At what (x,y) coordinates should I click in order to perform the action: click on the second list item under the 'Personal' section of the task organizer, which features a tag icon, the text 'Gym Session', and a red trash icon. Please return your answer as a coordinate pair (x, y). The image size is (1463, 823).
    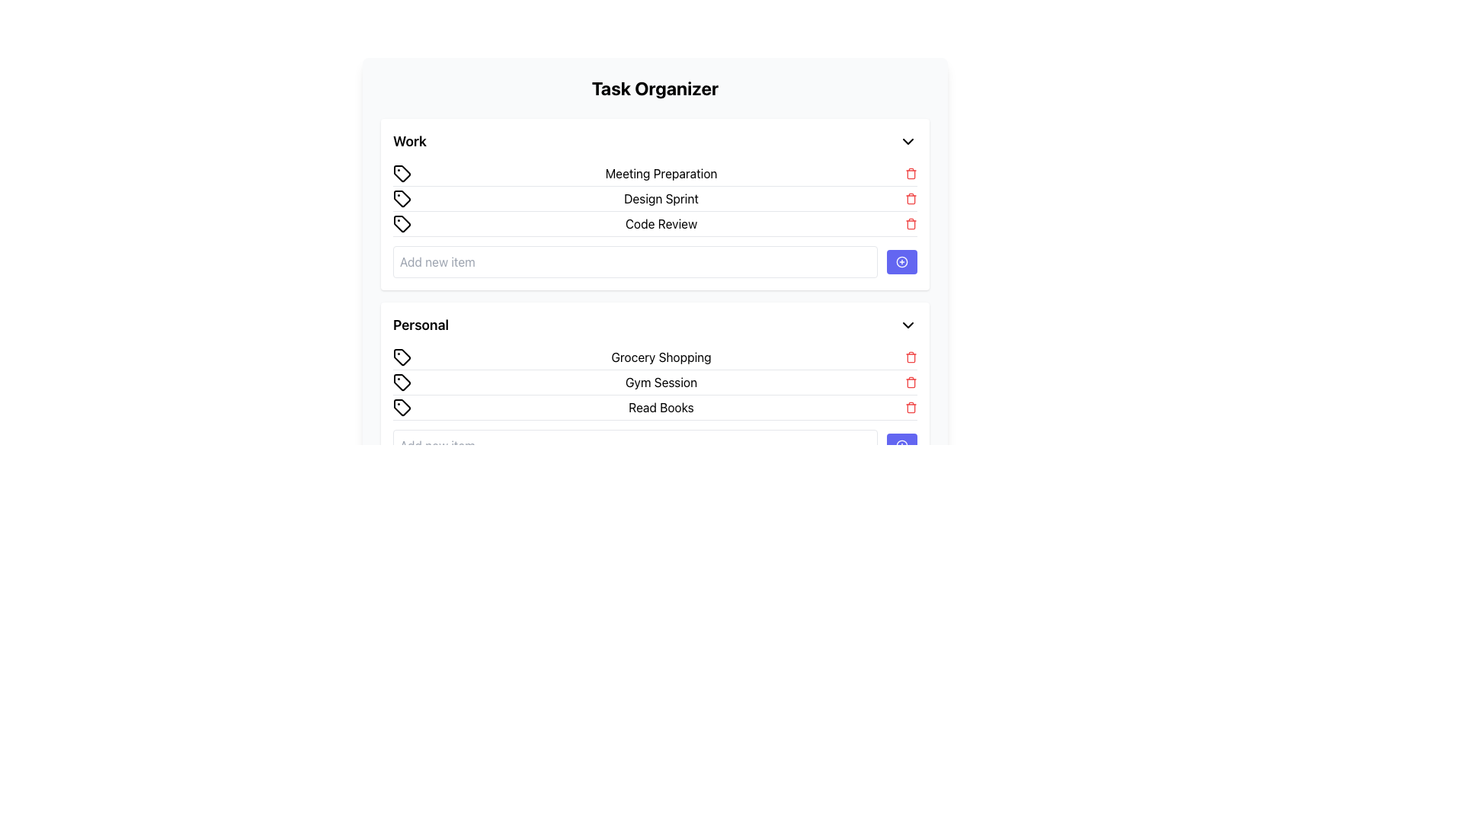
    Looking at the image, I should click on (655, 382).